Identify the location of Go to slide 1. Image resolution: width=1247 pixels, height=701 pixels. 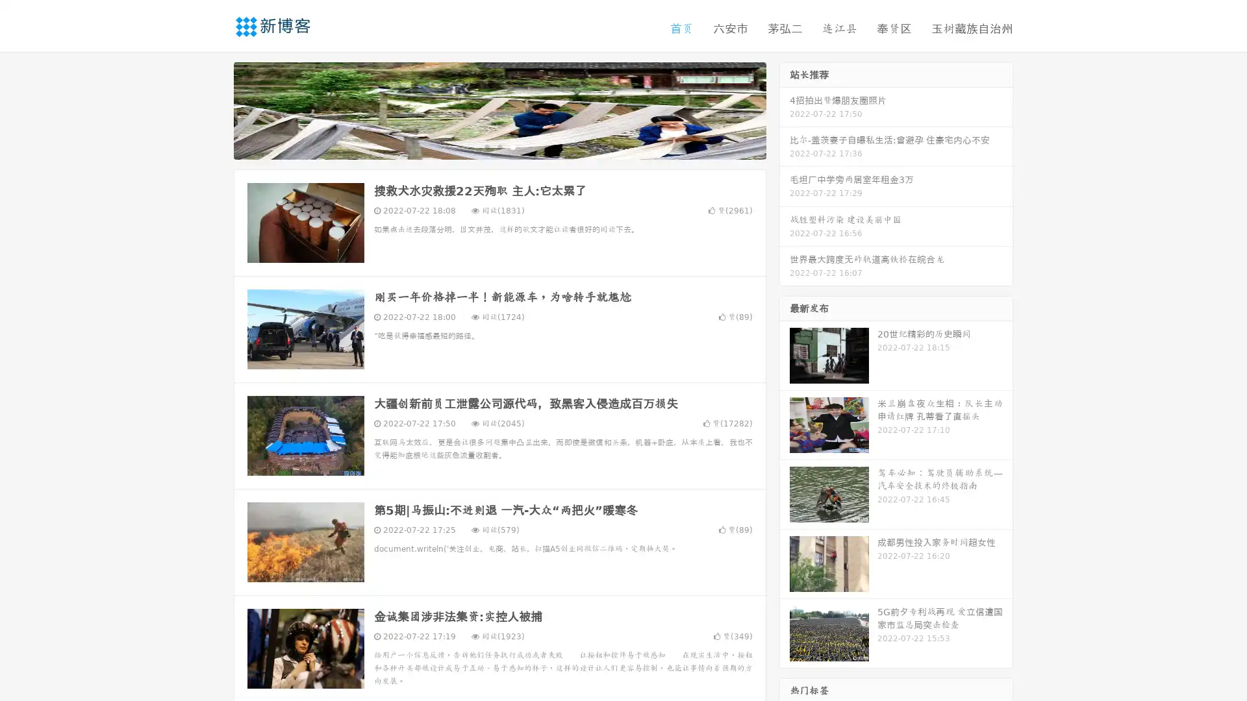
(486, 146).